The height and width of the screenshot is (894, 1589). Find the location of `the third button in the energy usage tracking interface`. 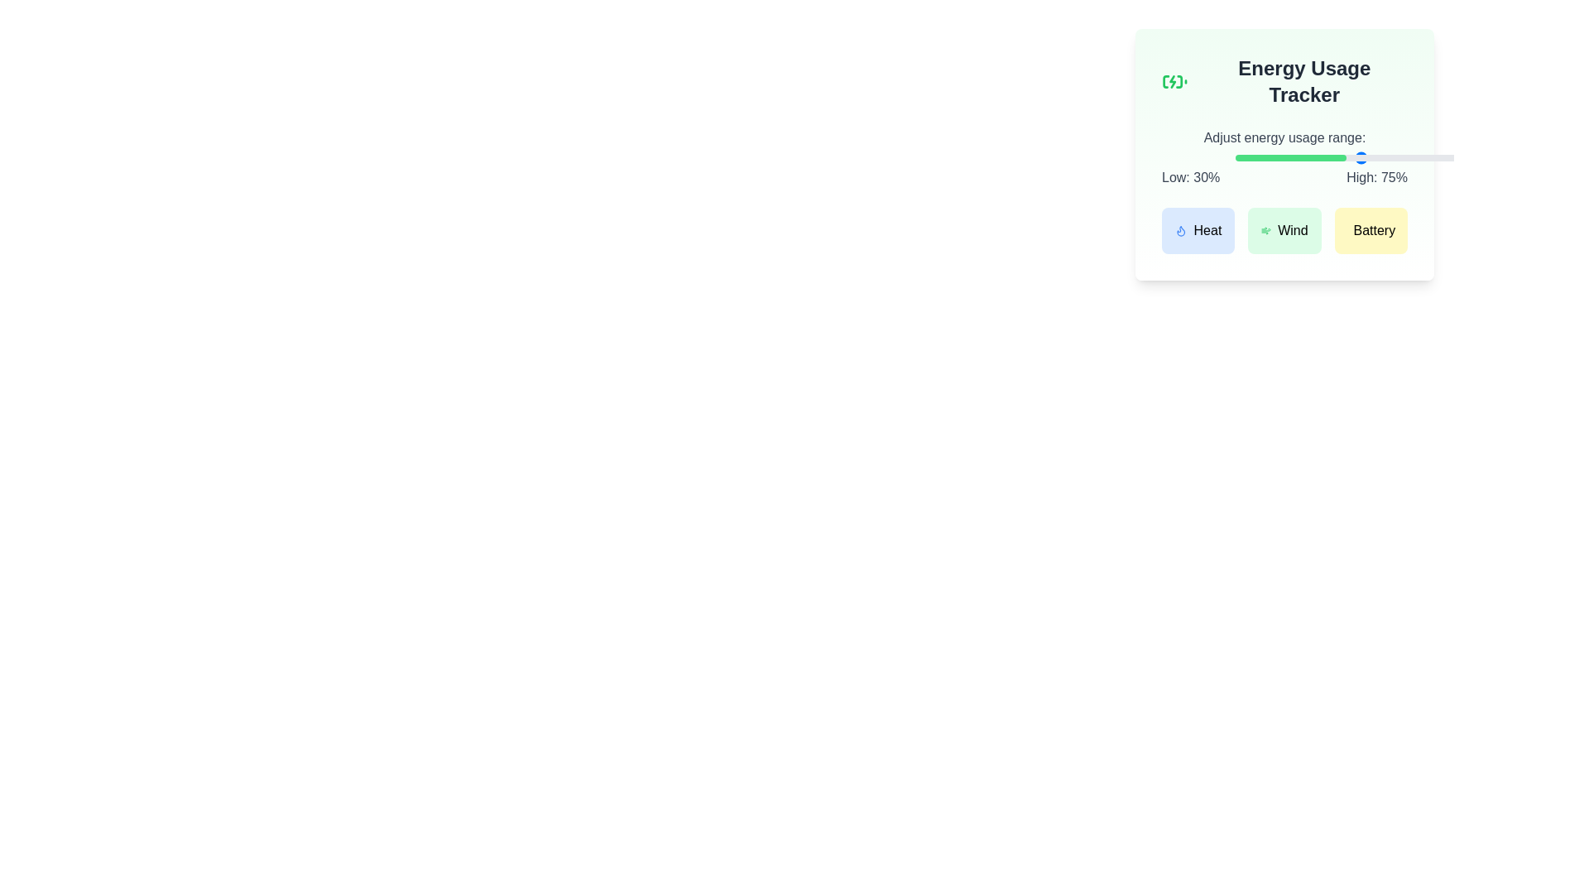

the third button in the energy usage tracking interface is located at coordinates (1371, 230).